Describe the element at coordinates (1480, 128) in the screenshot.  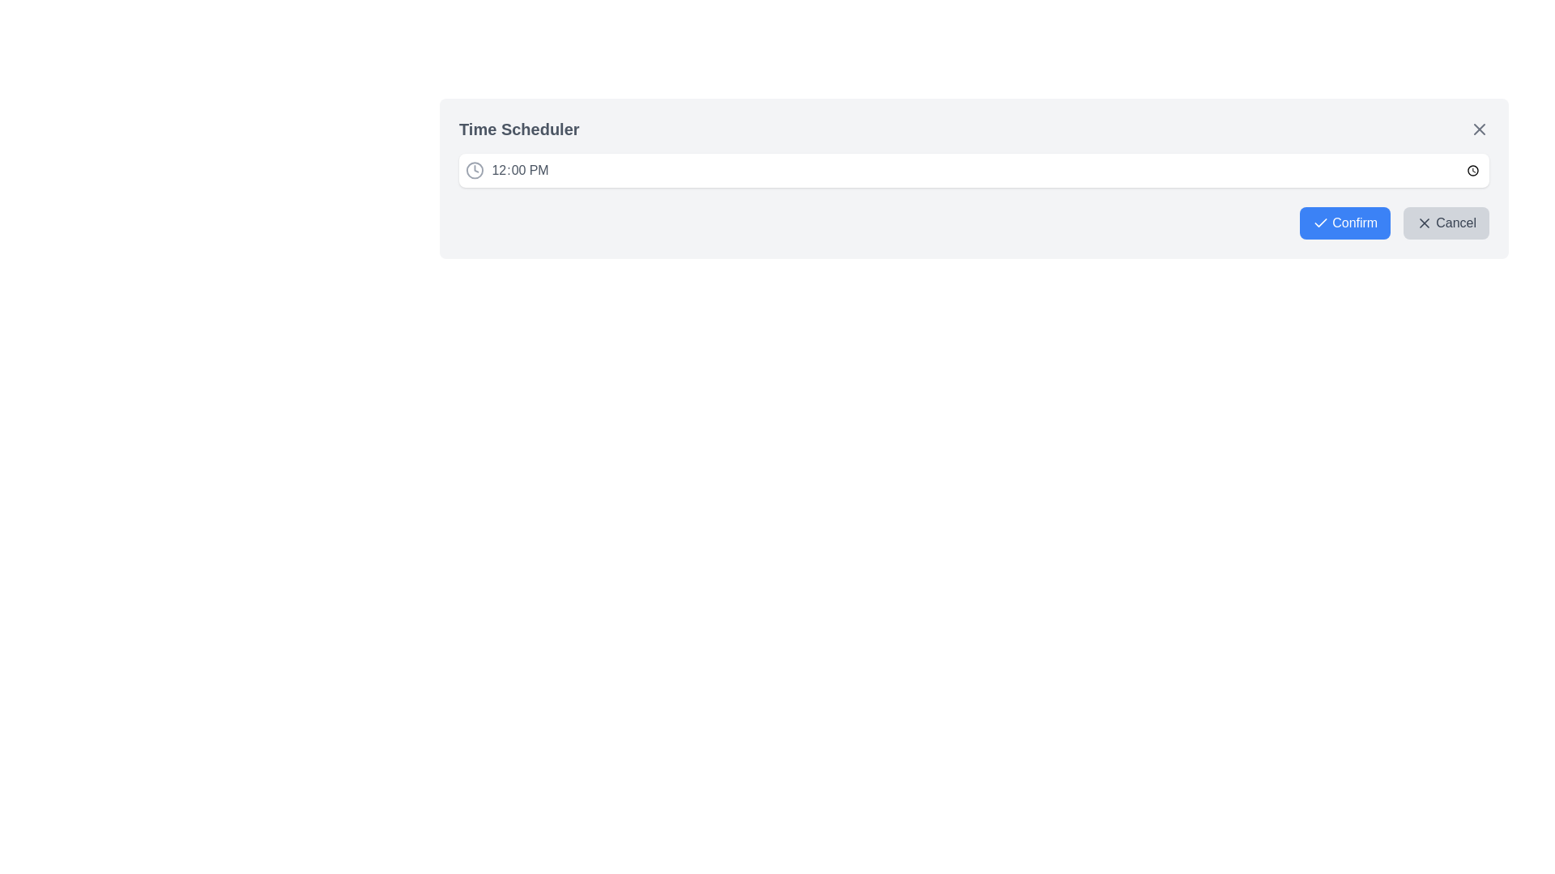
I see `the diagonal line icon forming part of the 'X' shape` at that location.